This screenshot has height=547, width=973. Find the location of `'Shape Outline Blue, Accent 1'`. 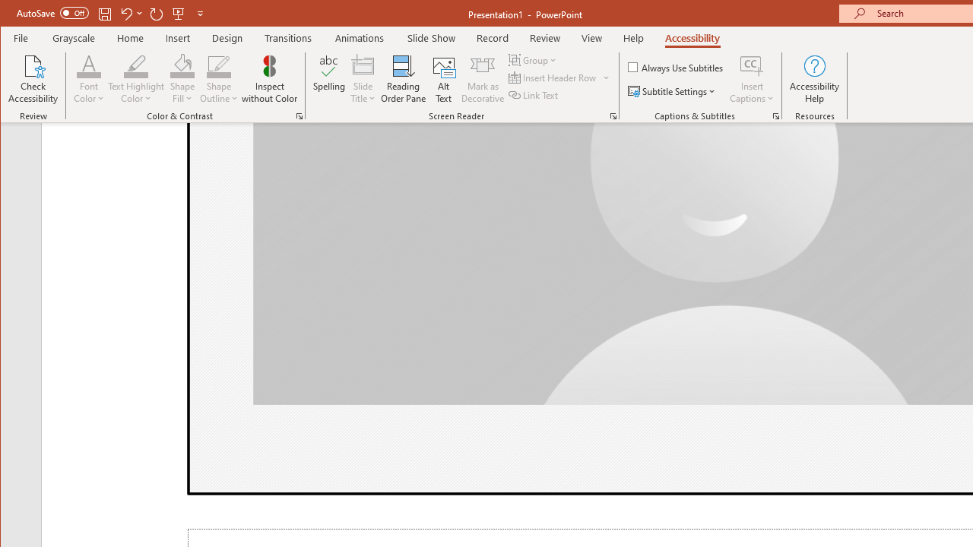

'Shape Outline Blue, Accent 1' is located at coordinates (218, 65).